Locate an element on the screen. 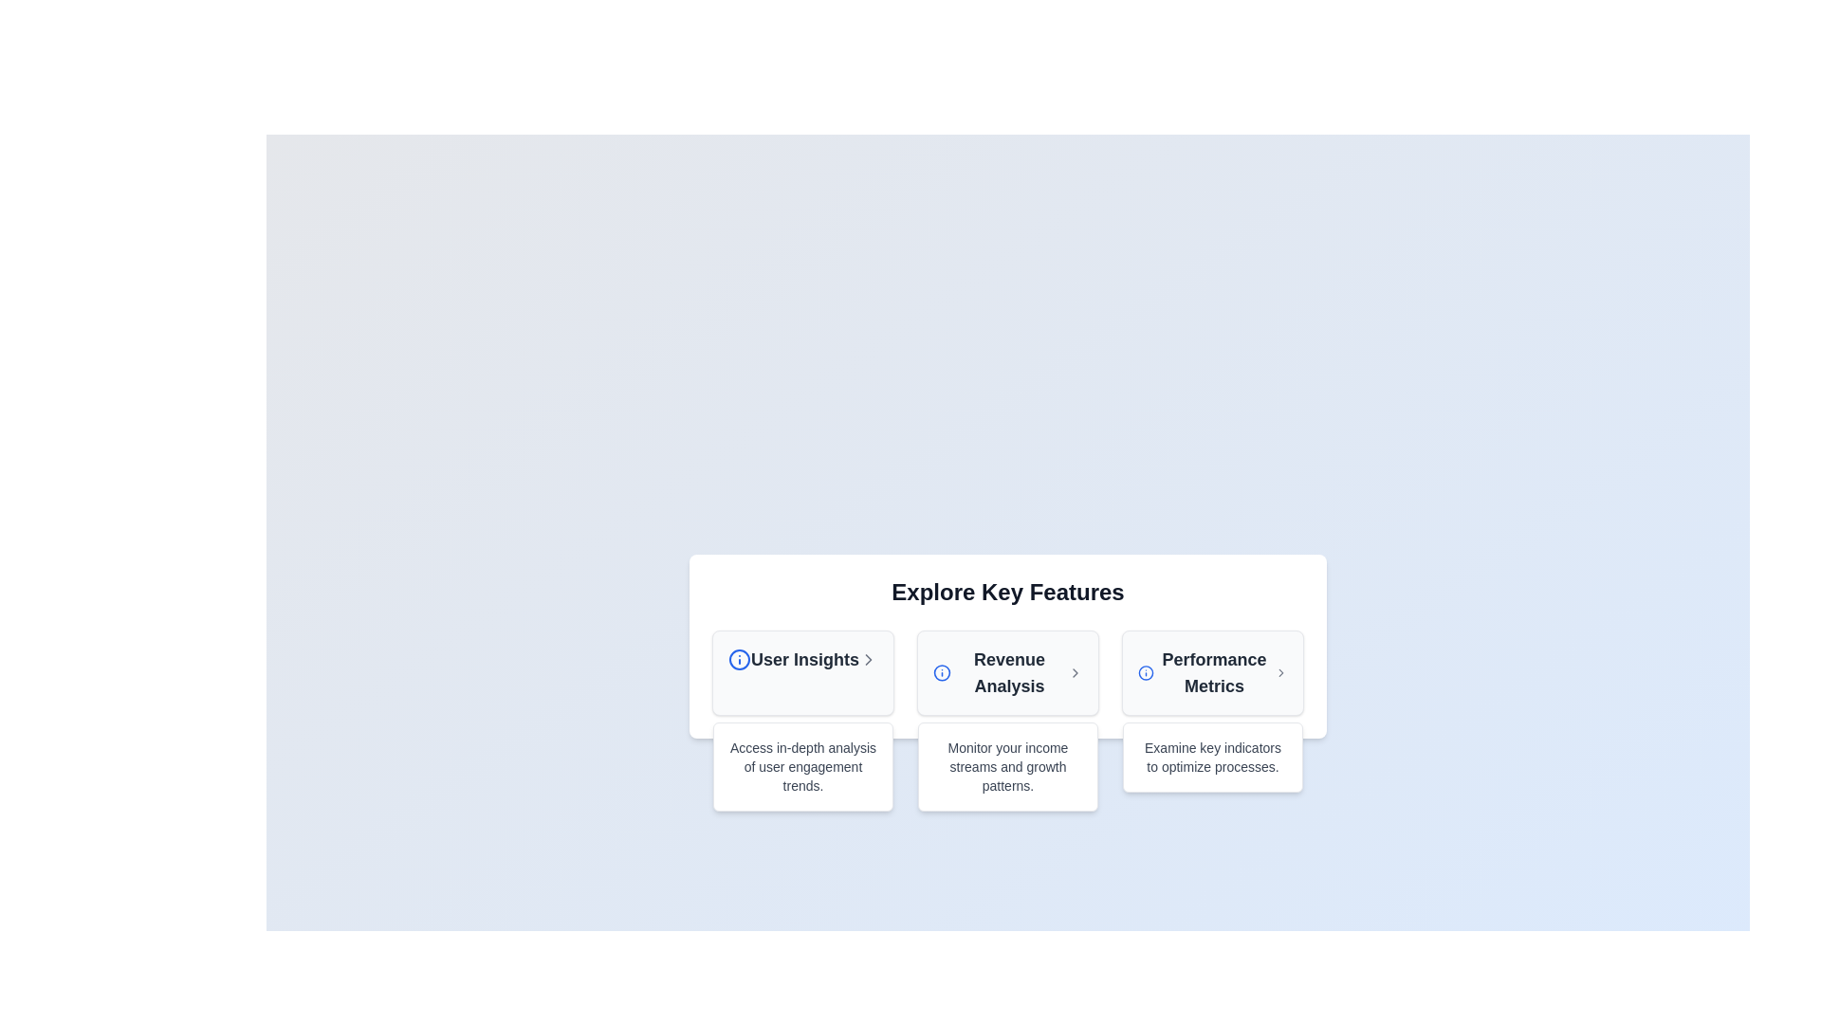  the circular icon with a blue border located in the header of the 'Revenue Analysis' section, adjacent to the text 'Revenue Analysis' is located at coordinates (942, 671).